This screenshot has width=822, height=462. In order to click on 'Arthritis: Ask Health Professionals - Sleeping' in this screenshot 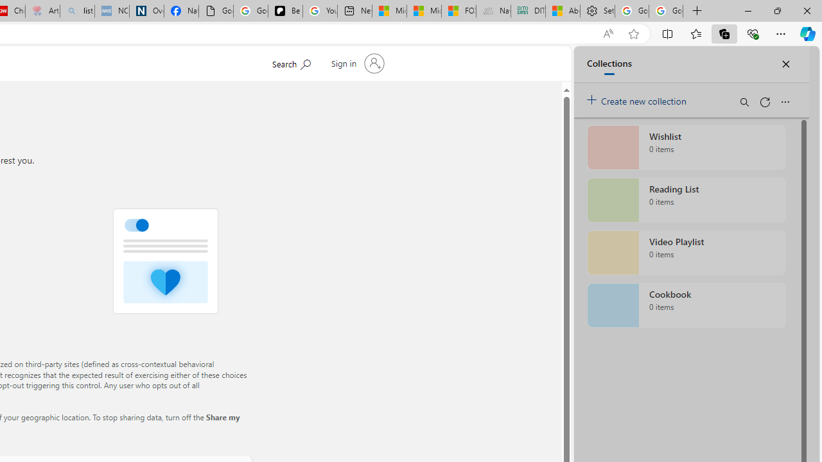, I will do `click(42, 11)`.